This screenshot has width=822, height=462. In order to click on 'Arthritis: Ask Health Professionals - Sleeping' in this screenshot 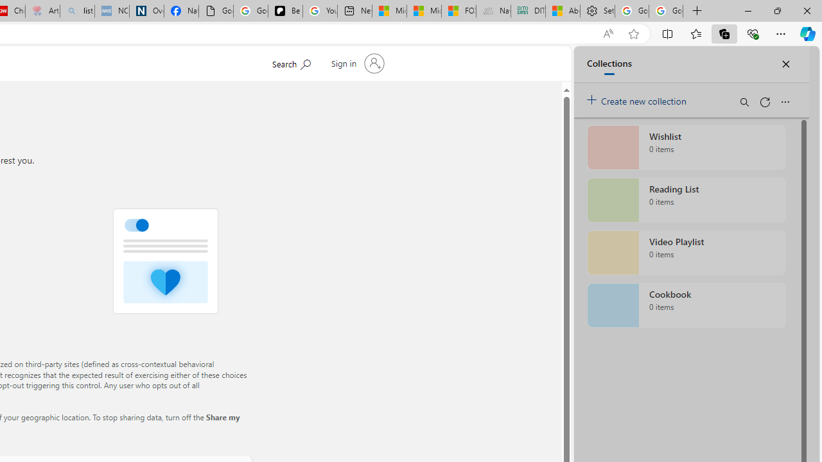, I will do `click(42, 11)`.